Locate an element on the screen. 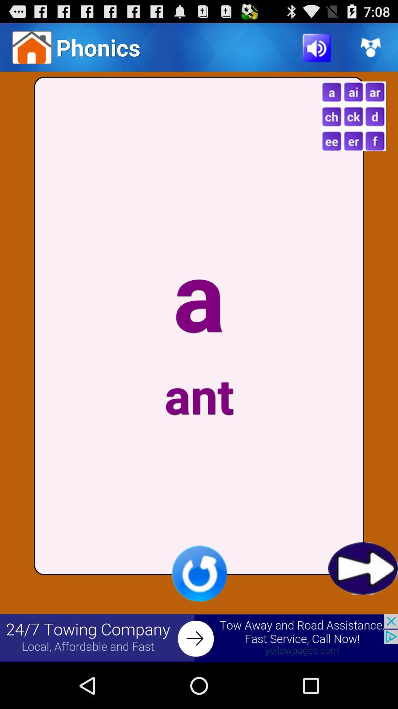 Image resolution: width=398 pixels, height=709 pixels. new flashcard is located at coordinates (353, 116).